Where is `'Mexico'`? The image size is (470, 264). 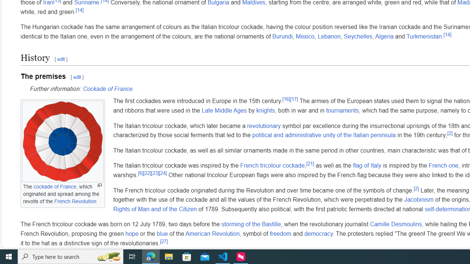
'Mexico' is located at coordinates (305, 36).